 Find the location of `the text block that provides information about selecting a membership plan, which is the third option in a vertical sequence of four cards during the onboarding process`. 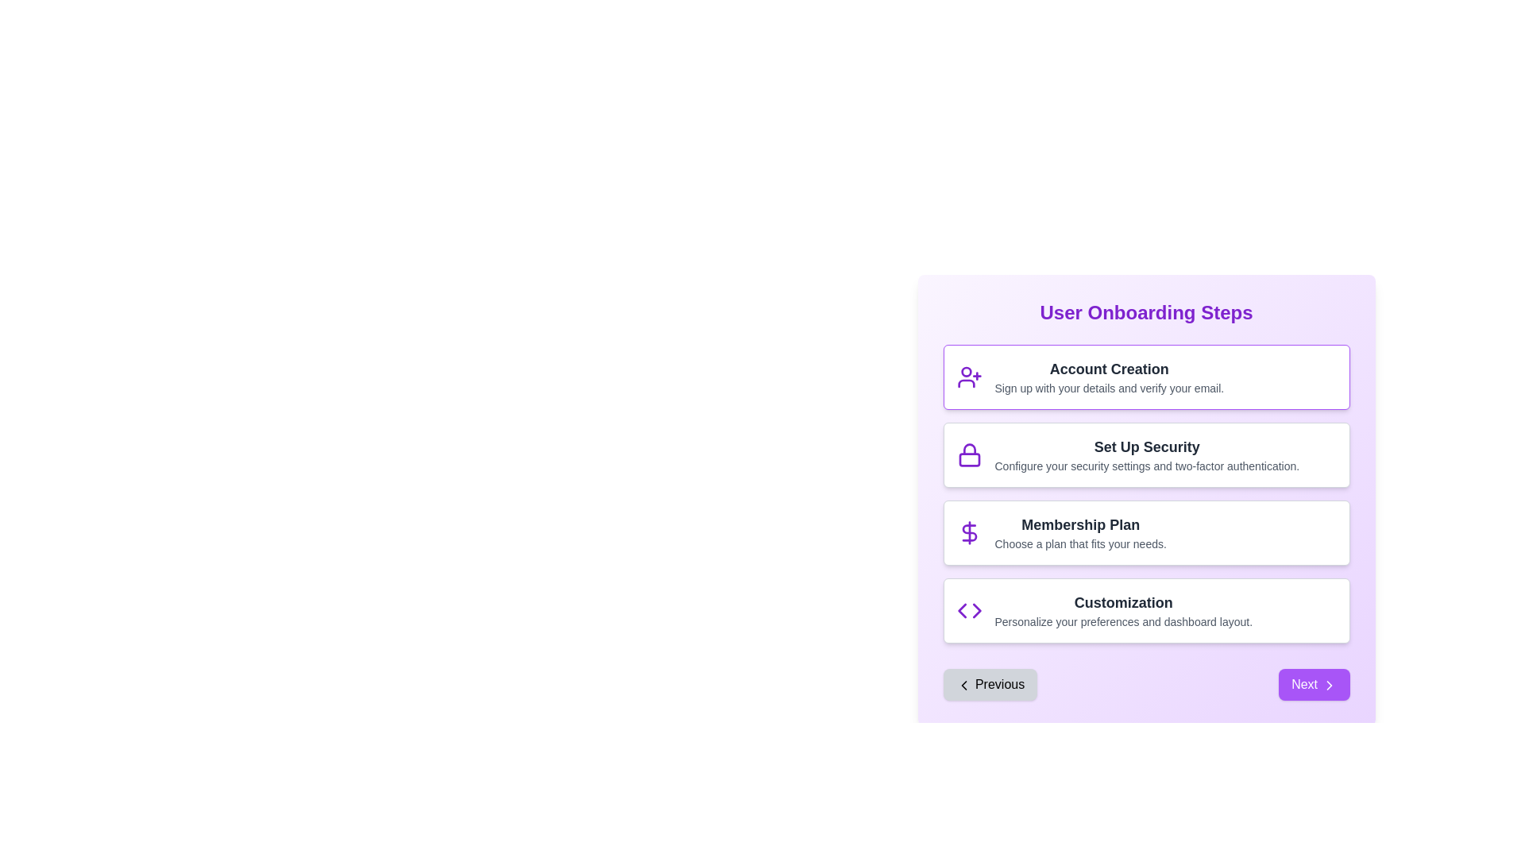

the text block that provides information about selecting a membership plan, which is the third option in a vertical sequence of four cards during the onboarding process is located at coordinates (1080, 533).